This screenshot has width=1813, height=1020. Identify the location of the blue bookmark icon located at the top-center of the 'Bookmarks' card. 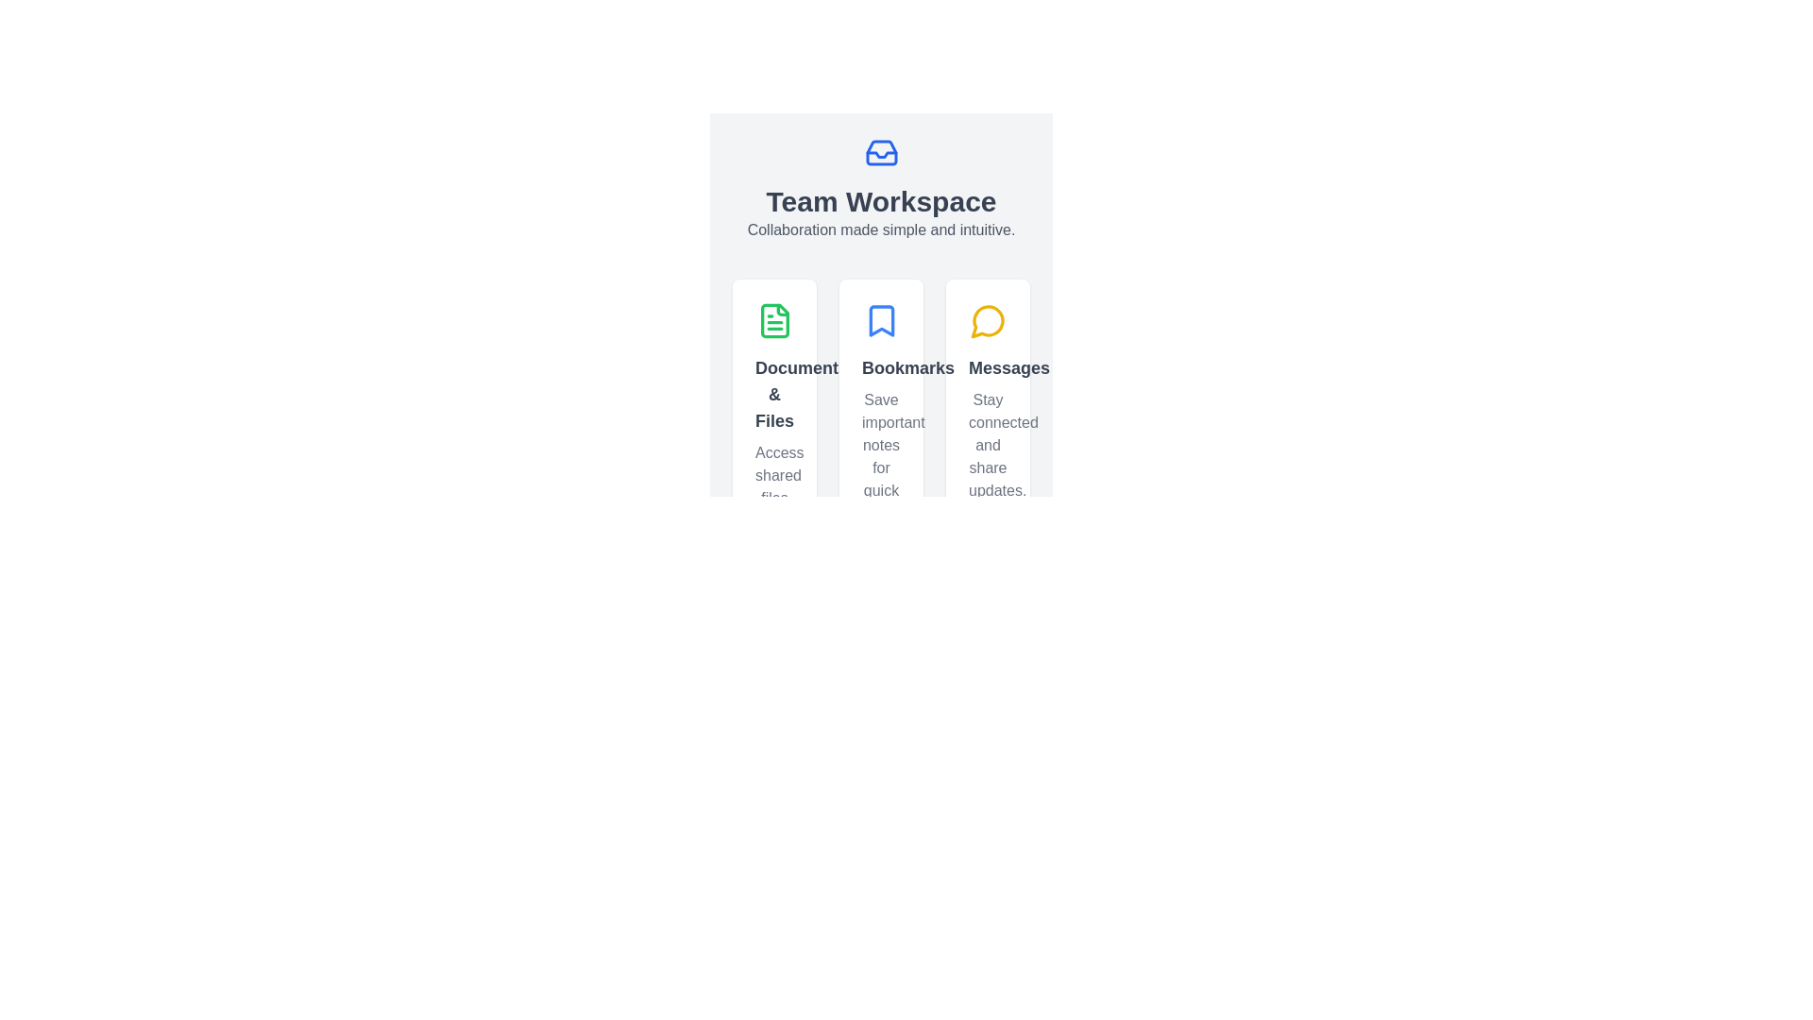
(880, 319).